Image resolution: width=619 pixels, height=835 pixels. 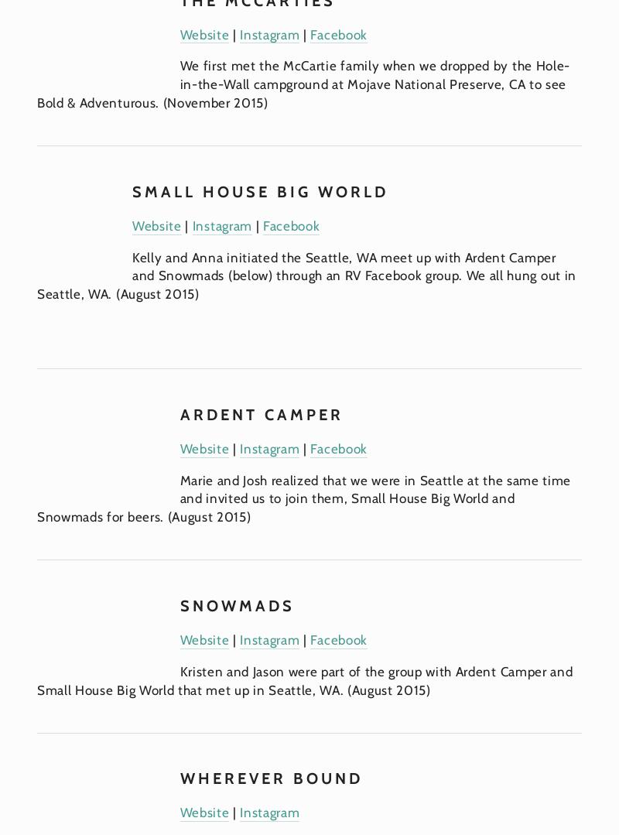 What do you see at coordinates (261, 413) in the screenshot?
I see `'Ardent Camper'` at bounding box center [261, 413].